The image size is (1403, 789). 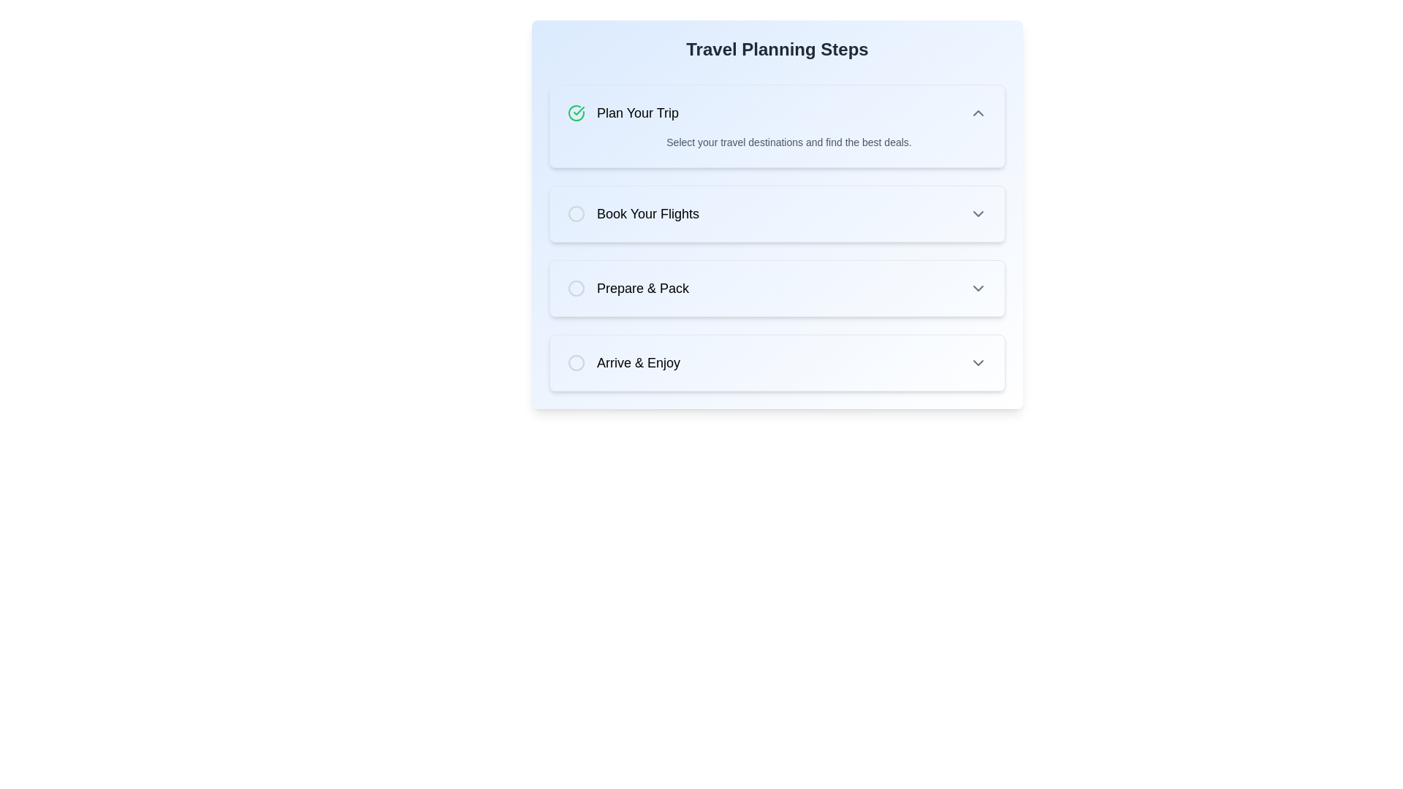 I want to click on the 'Book Your Flights' label with a circular icon, which is the second card in a vertical list below 'Plan Your Trip' and above 'Prepare & Pack', so click(x=634, y=214).